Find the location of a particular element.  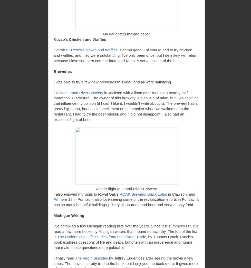

'Detroit's' is located at coordinates (61, 50).